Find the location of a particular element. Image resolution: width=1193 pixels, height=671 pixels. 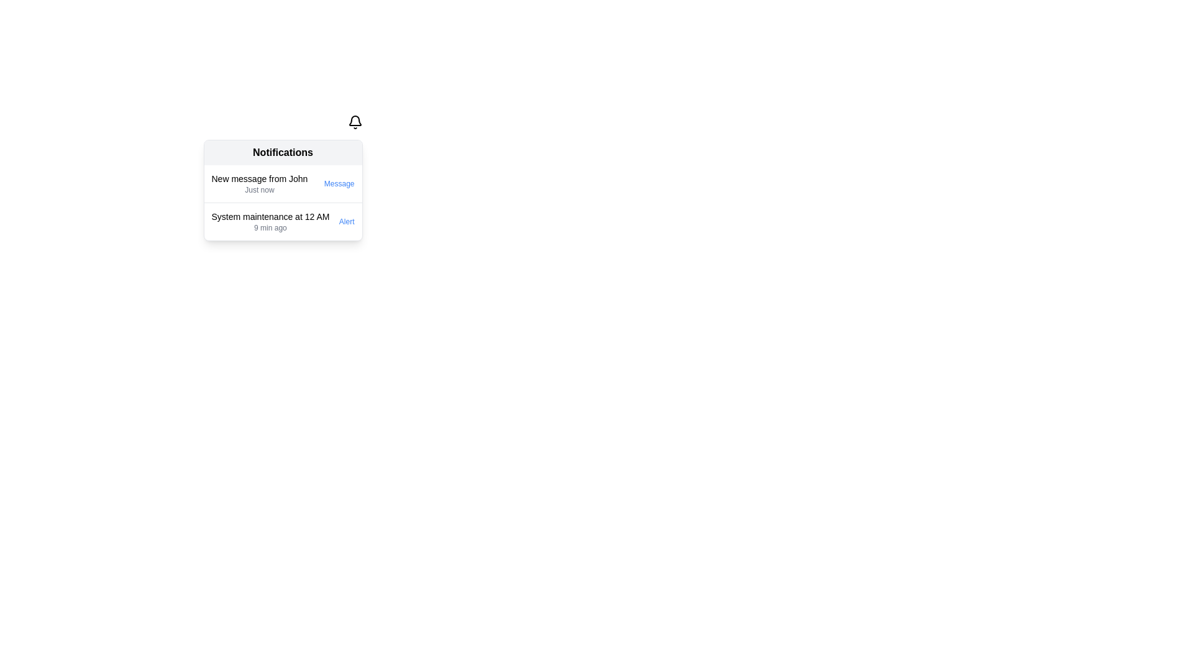

the Notification entry containing 'System maintenance at 12 AM' is located at coordinates (282, 221).